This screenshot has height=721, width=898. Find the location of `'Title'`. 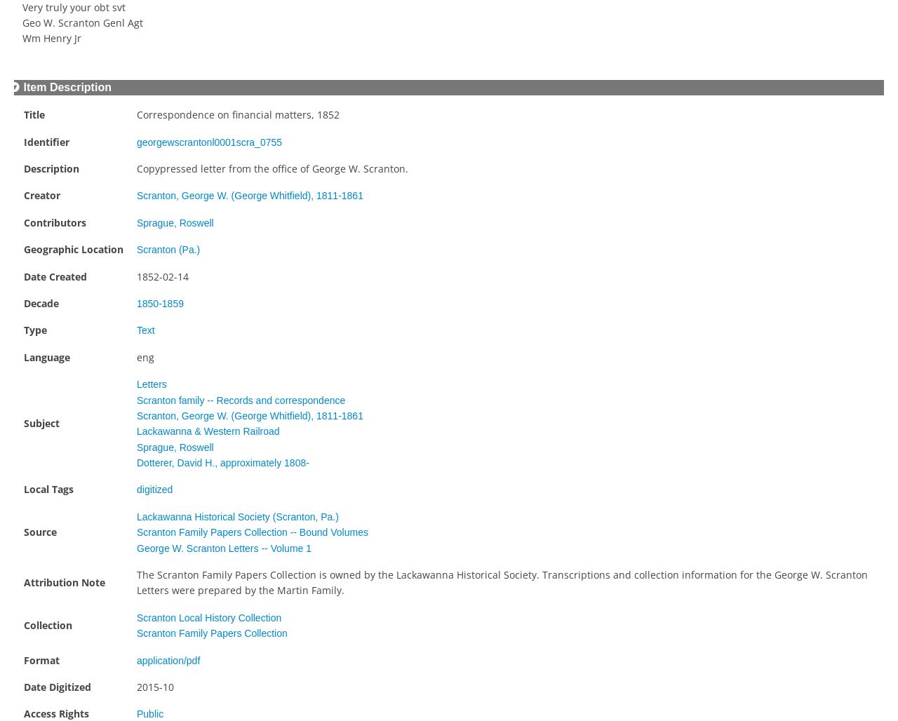

'Title' is located at coordinates (34, 114).